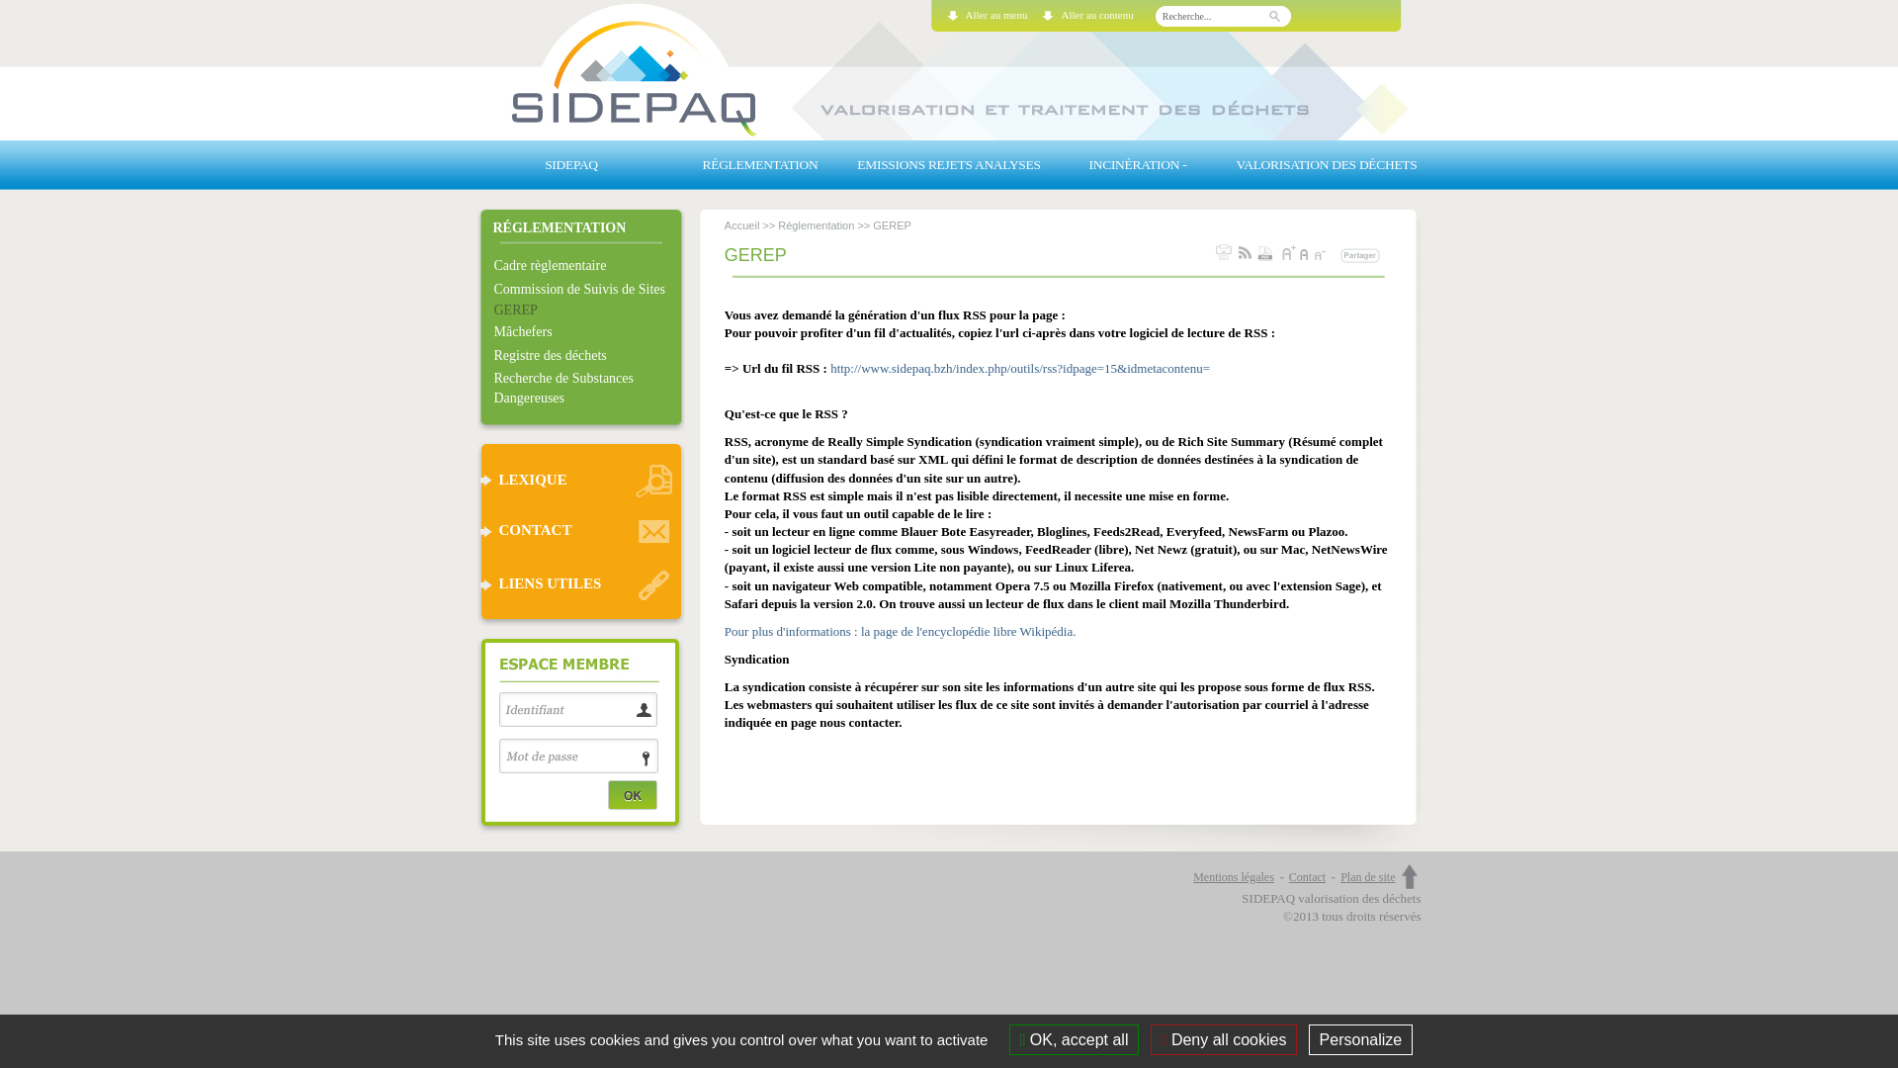 This screenshot has width=1898, height=1068. What do you see at coordinates (1223, 1038) in the screenshot?
I see `'Deny all cookies'` at bounding box center [1223, 1038].